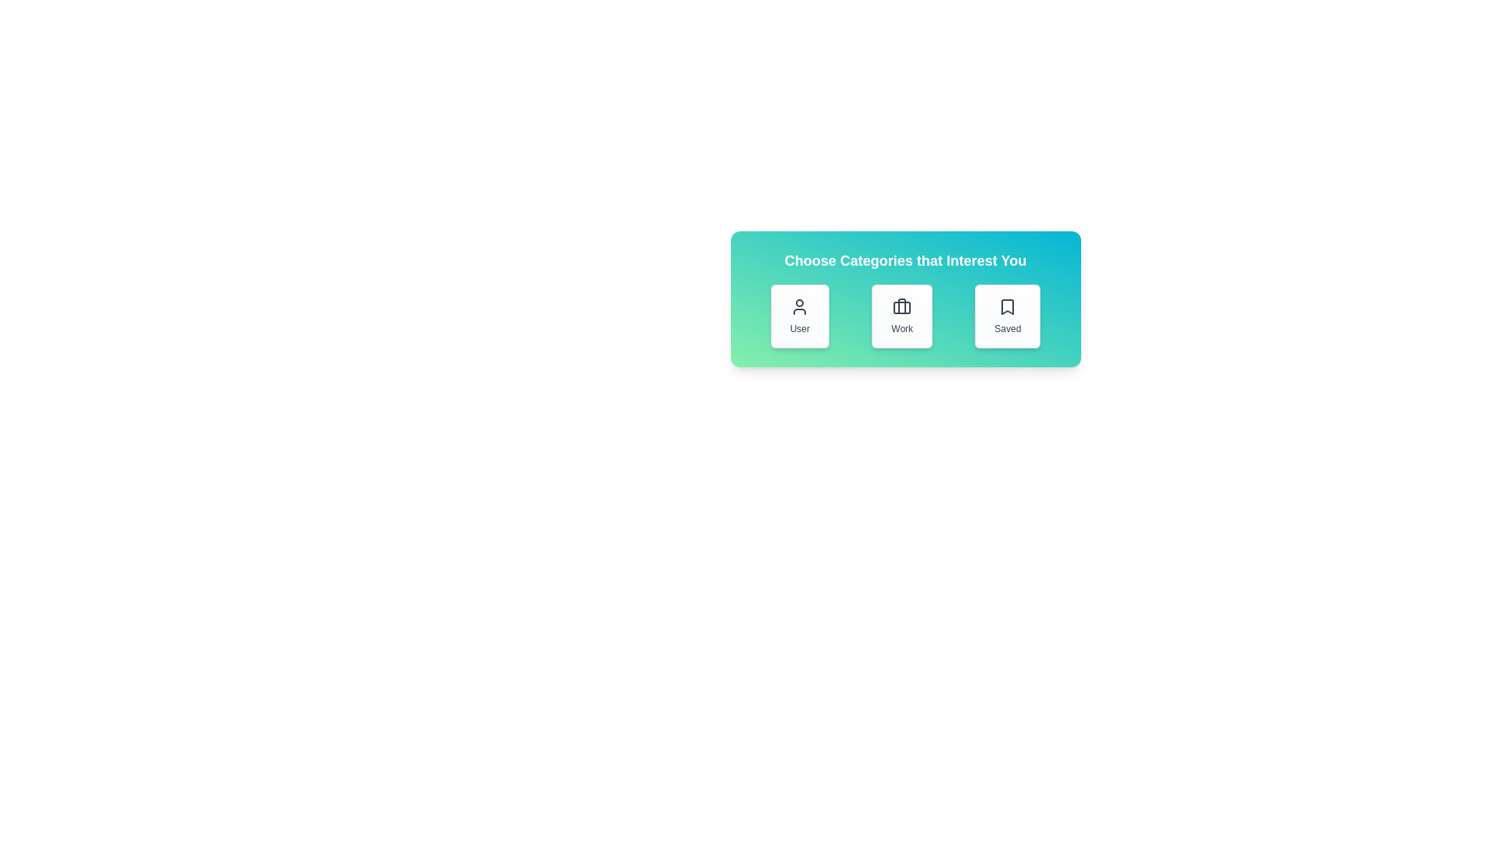 The width and height of the screenshot is (1501, 844). What do you see at coordinates (902, 316) in the screenshot?
I see `the Work button to see the hover effect` at bounding box center [902, 316].